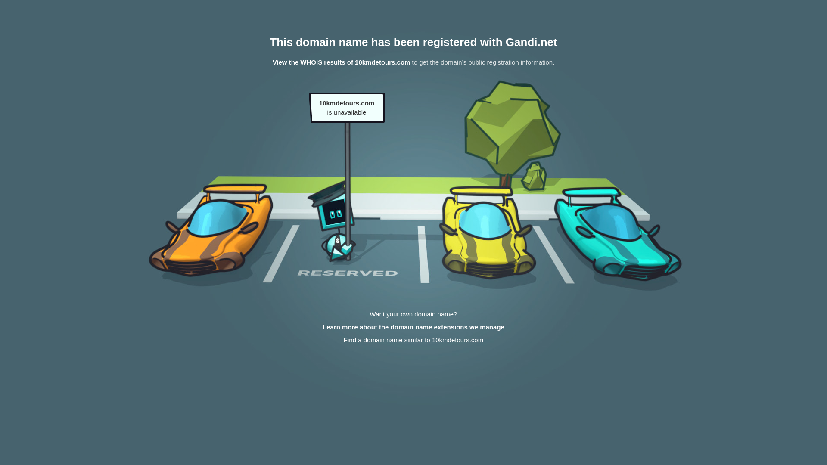 This screenshot has width=827, height=465. What do you see at coordinates (413, 339) in the screenshot?
I see `'Find a domain name similar to 10kmdetours.com'` at bounding box center [413, 339].